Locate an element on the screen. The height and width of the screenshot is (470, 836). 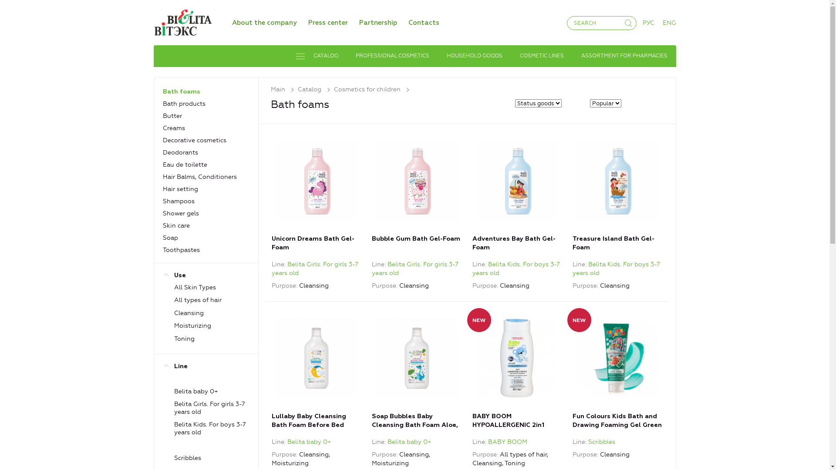
'Belita&Vitex' is located at coordinates (182, 22).